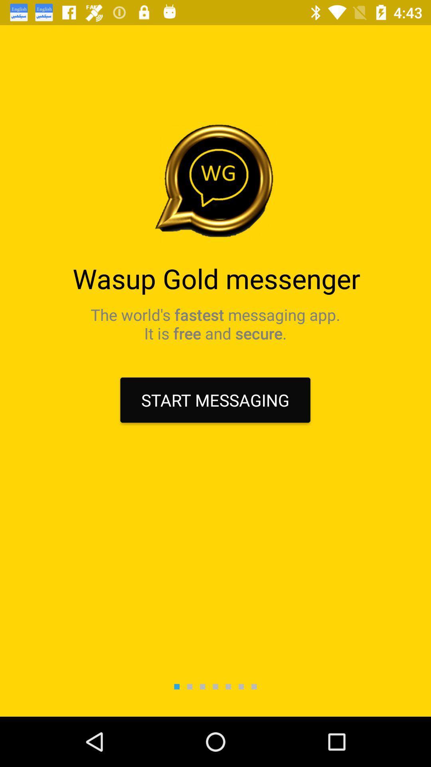  I want to click on start messaging, so click(215, 400).